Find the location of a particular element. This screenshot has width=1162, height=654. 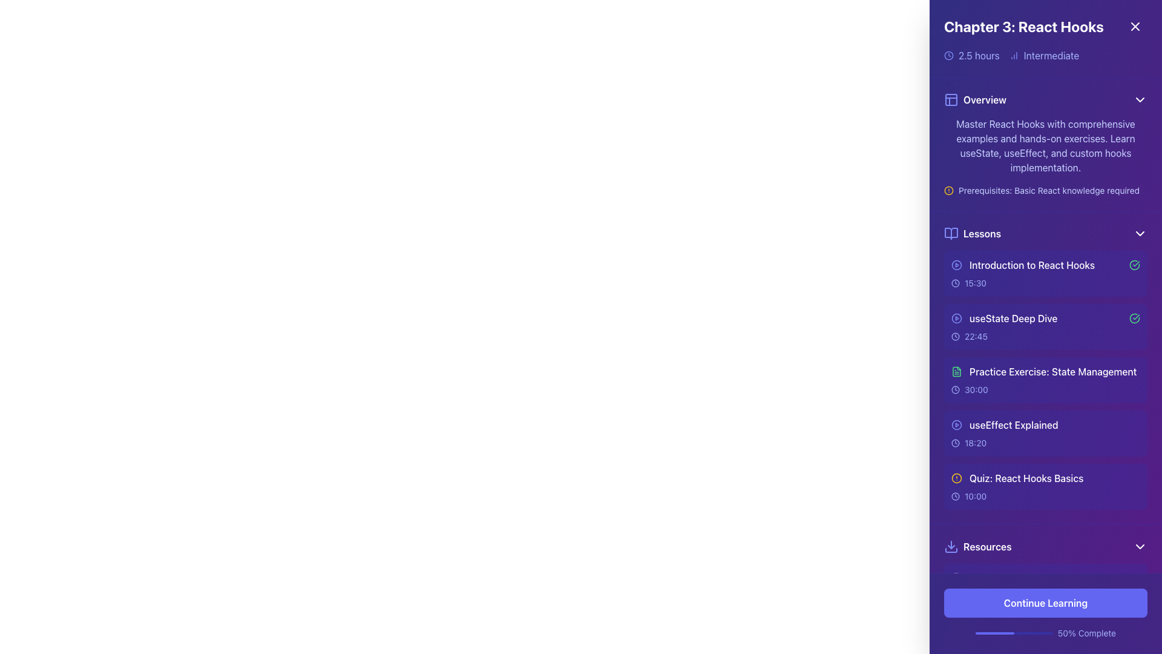

the 'Lessons' header label located in the navigation panel on the right side of the interface is located at coordinates (982, 233).